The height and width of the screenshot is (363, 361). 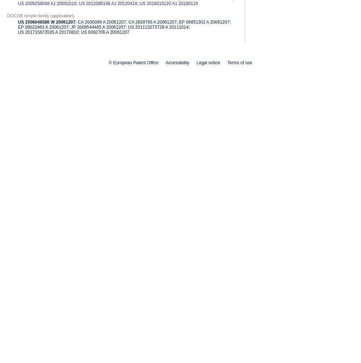 I want to click on 'US 2018015120 A1 20180118', so click(x=168, y=3).